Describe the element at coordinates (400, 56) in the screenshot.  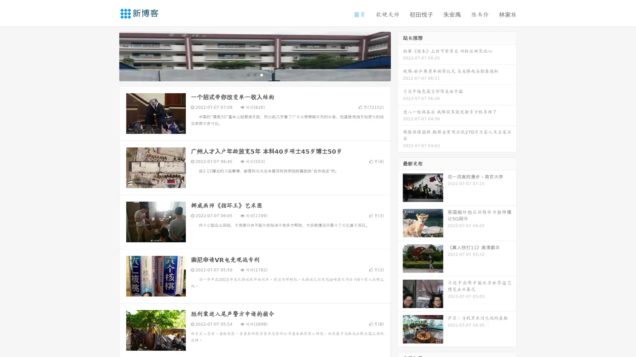
I see `Next slide` at that location.